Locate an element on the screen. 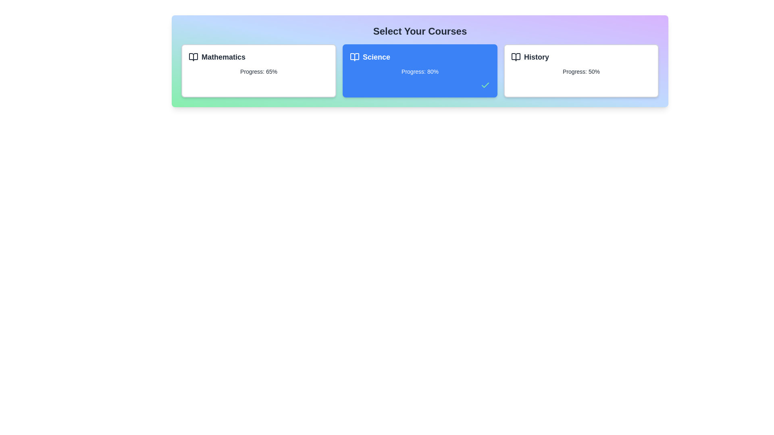 This screenshot has width=774, height=435. the decorative icon of the course card corresponding to History is located at coordinates (516, 57).